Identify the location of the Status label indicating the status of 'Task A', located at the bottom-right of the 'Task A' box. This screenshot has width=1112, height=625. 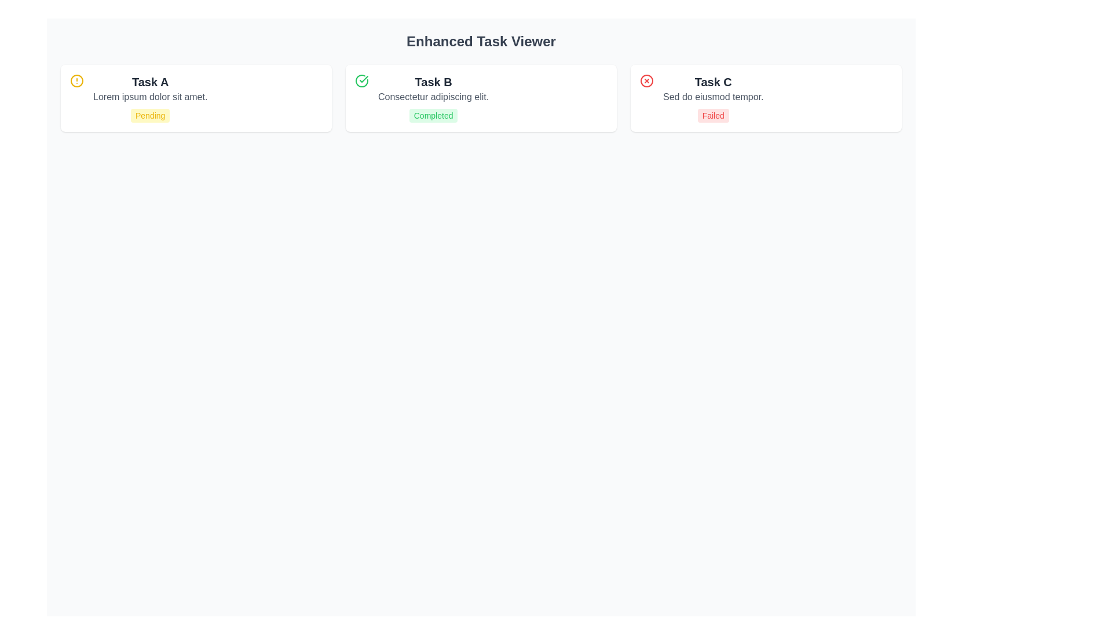
(149, 116).